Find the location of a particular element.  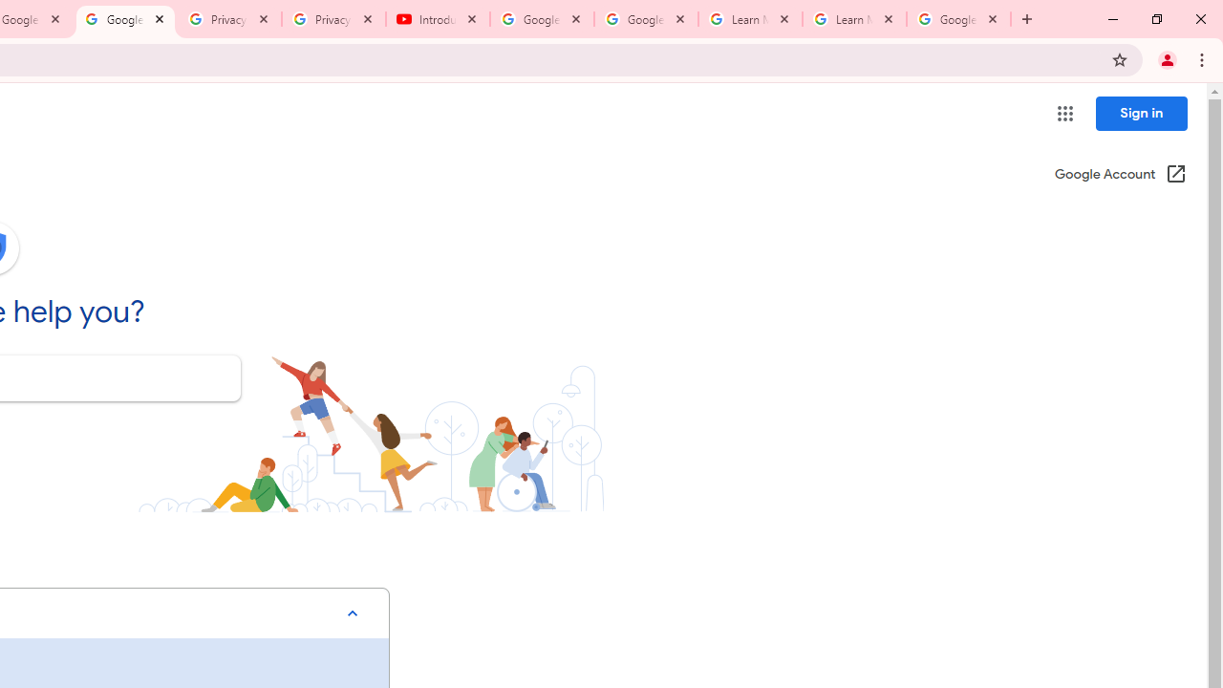

'Google Account Help' is located at coordinates (124, 19).